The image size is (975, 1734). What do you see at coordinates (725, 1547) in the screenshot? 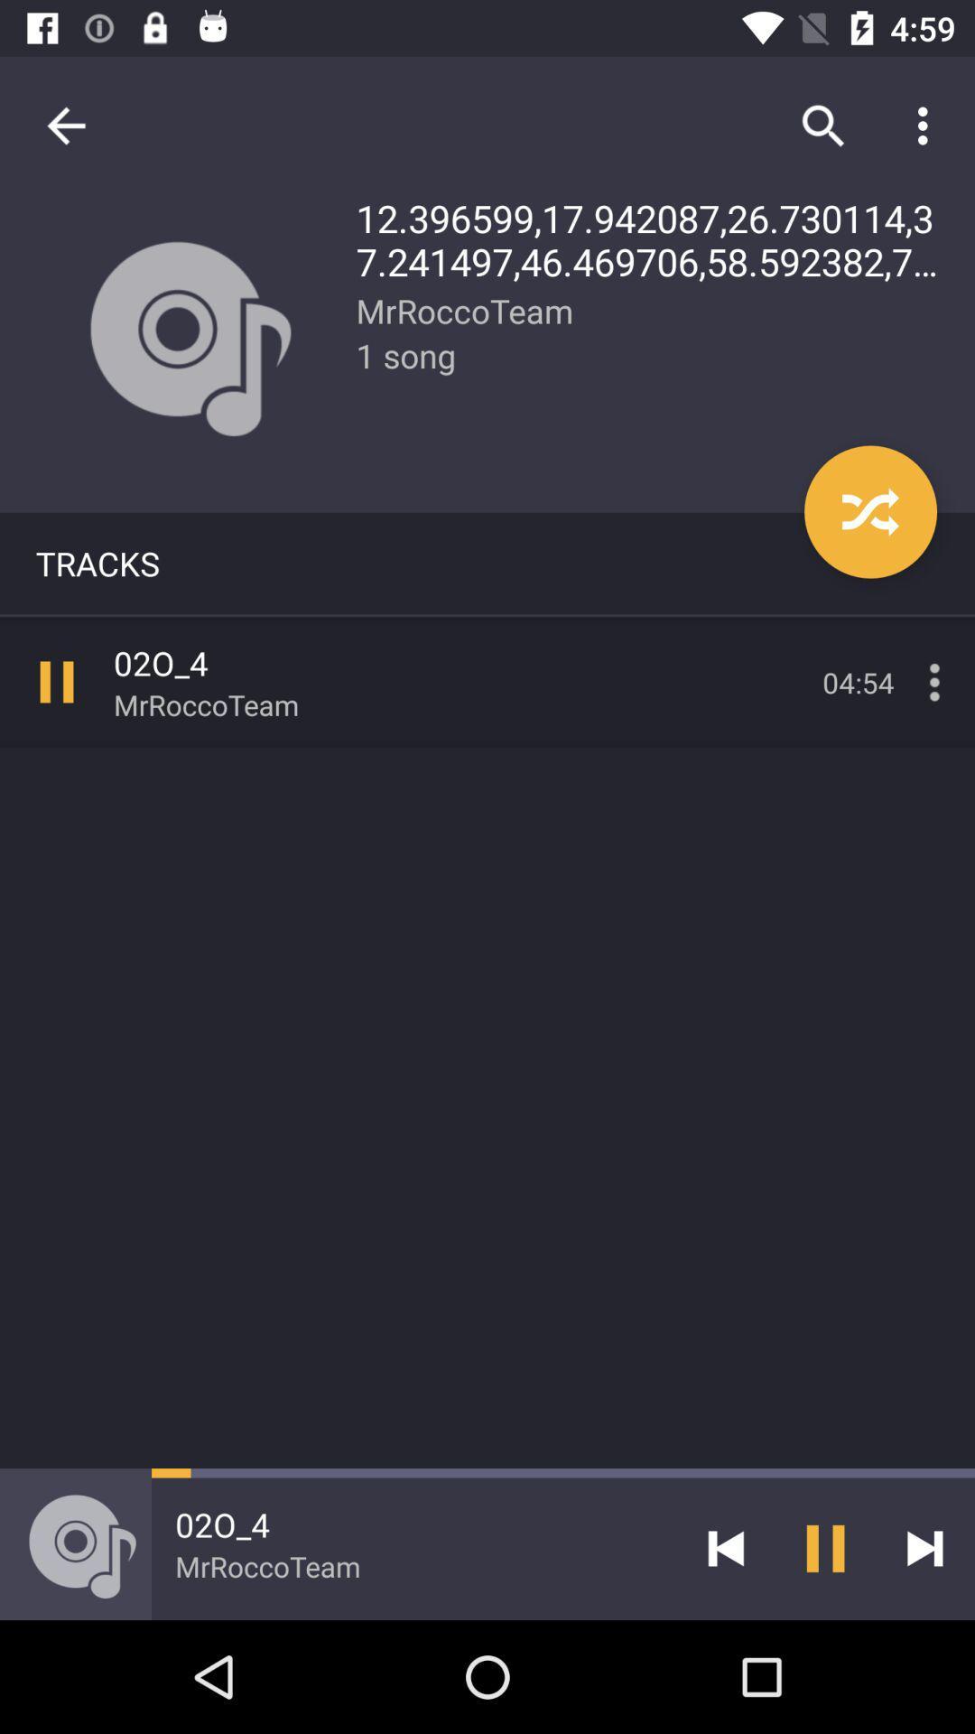
I see `icon to the right of the 02o_4` at bounding box center [725, 1547].